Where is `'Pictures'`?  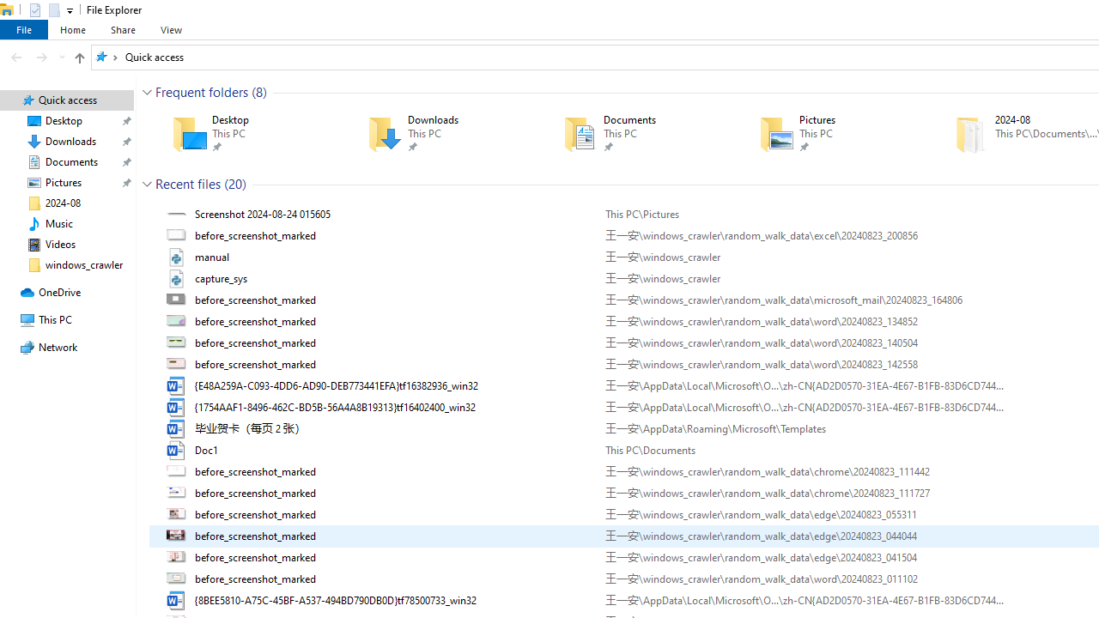 'Pictures' is located at coordinates (832, 133).